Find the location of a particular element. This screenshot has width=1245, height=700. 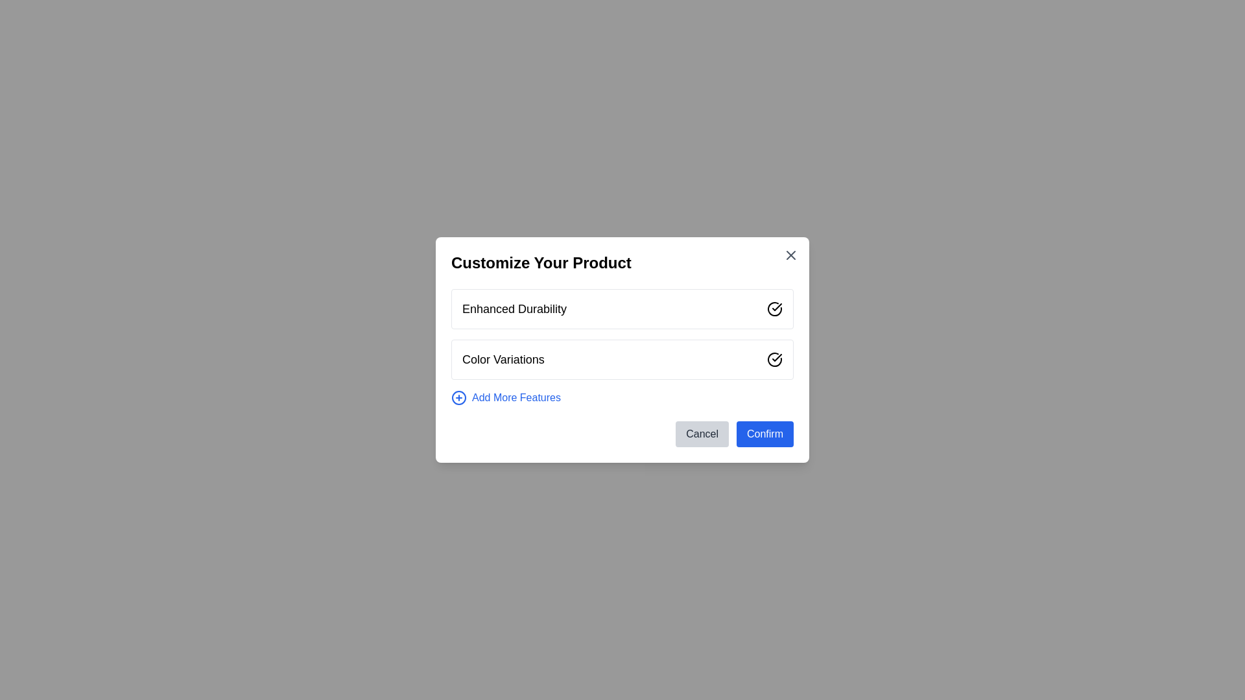

the close button represented by a vector graphic 'X' in the top-right corner of the 'Customize Your Product' dialog box is located at coordinates (790, 255).